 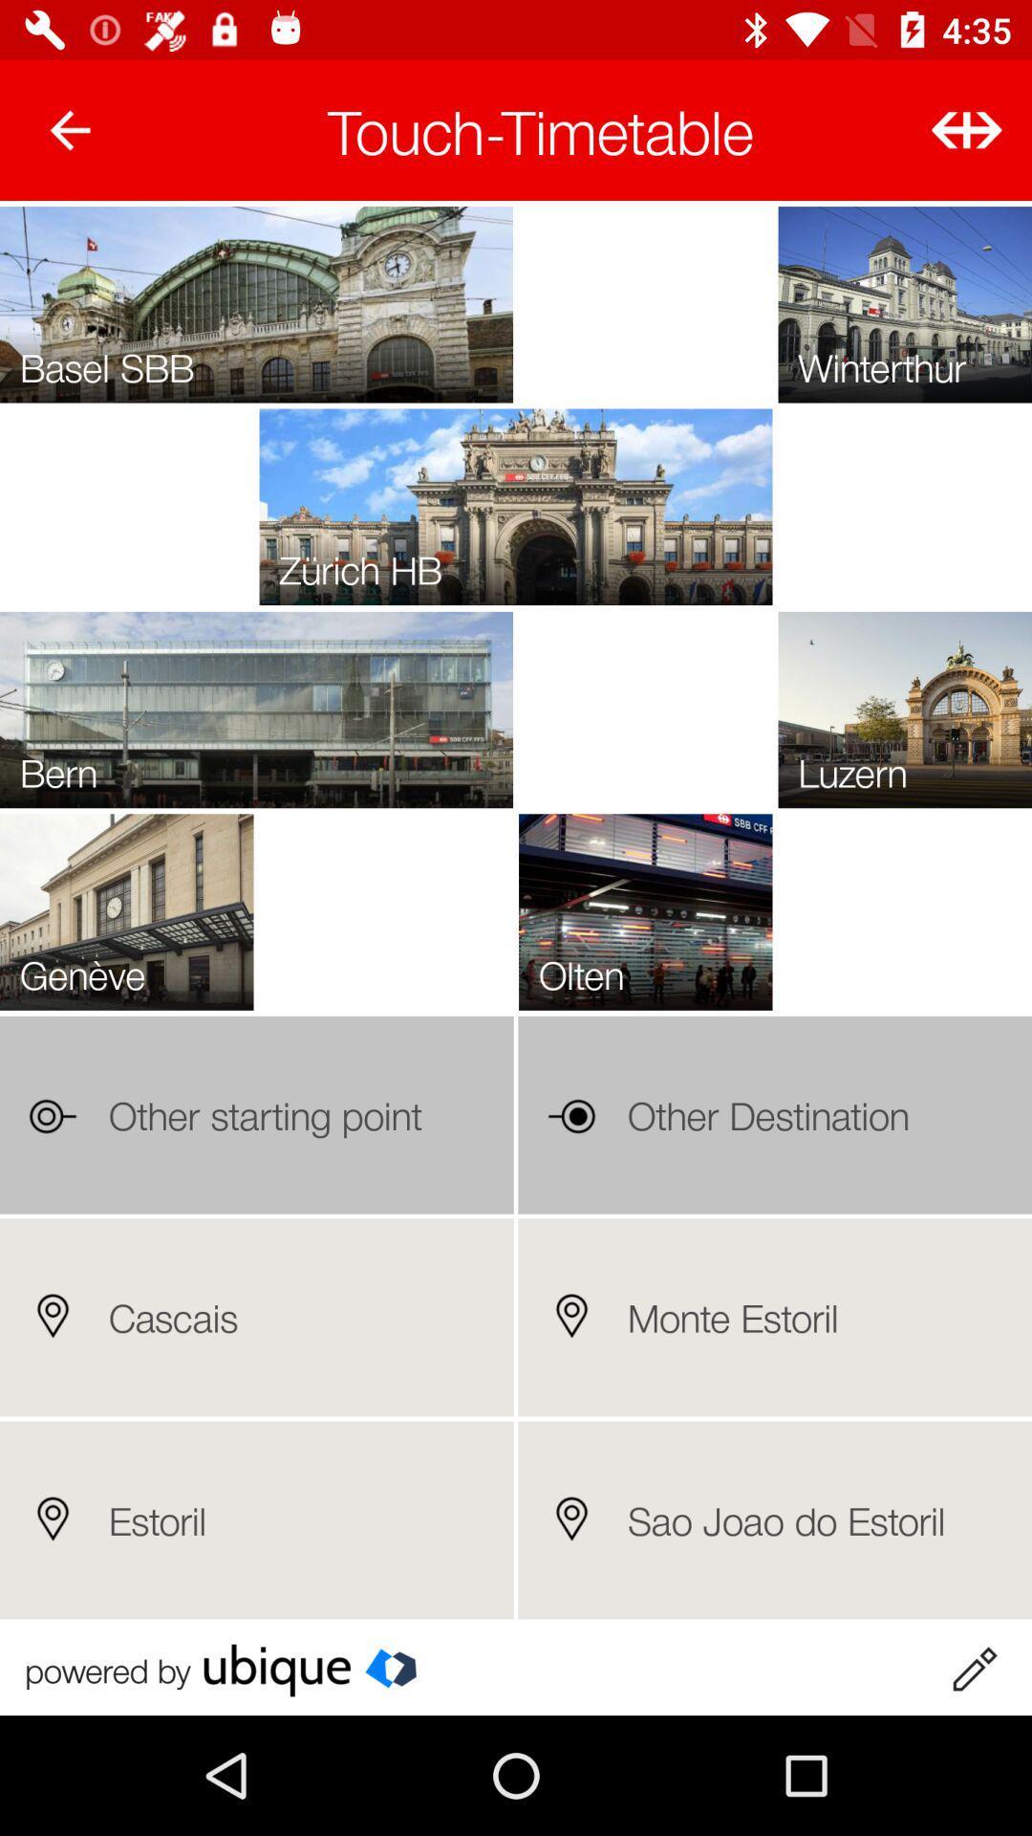 What do you see at coordinates (69, 129) in the screenshot?
I see `return to home page` at bounding box center [69, 129].